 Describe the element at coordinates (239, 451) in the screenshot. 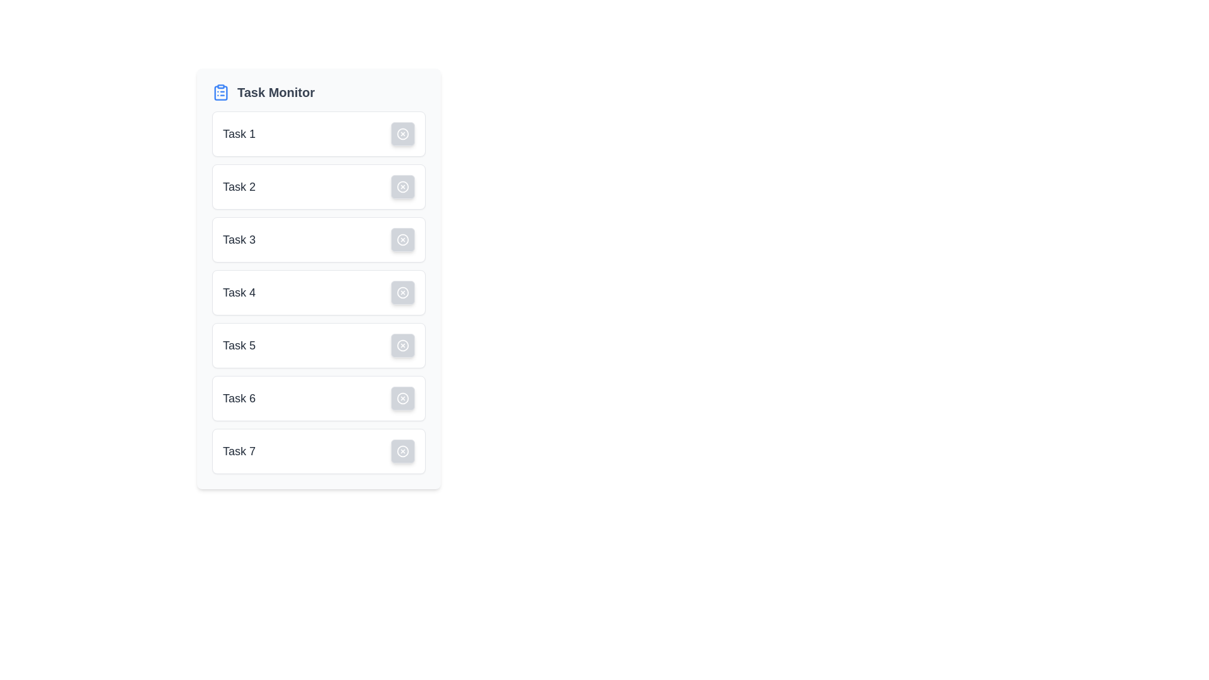

I see `the 'Task 7' text label located within the seventh card of the vertically aligned list, which serves as a title for the card` at that location.